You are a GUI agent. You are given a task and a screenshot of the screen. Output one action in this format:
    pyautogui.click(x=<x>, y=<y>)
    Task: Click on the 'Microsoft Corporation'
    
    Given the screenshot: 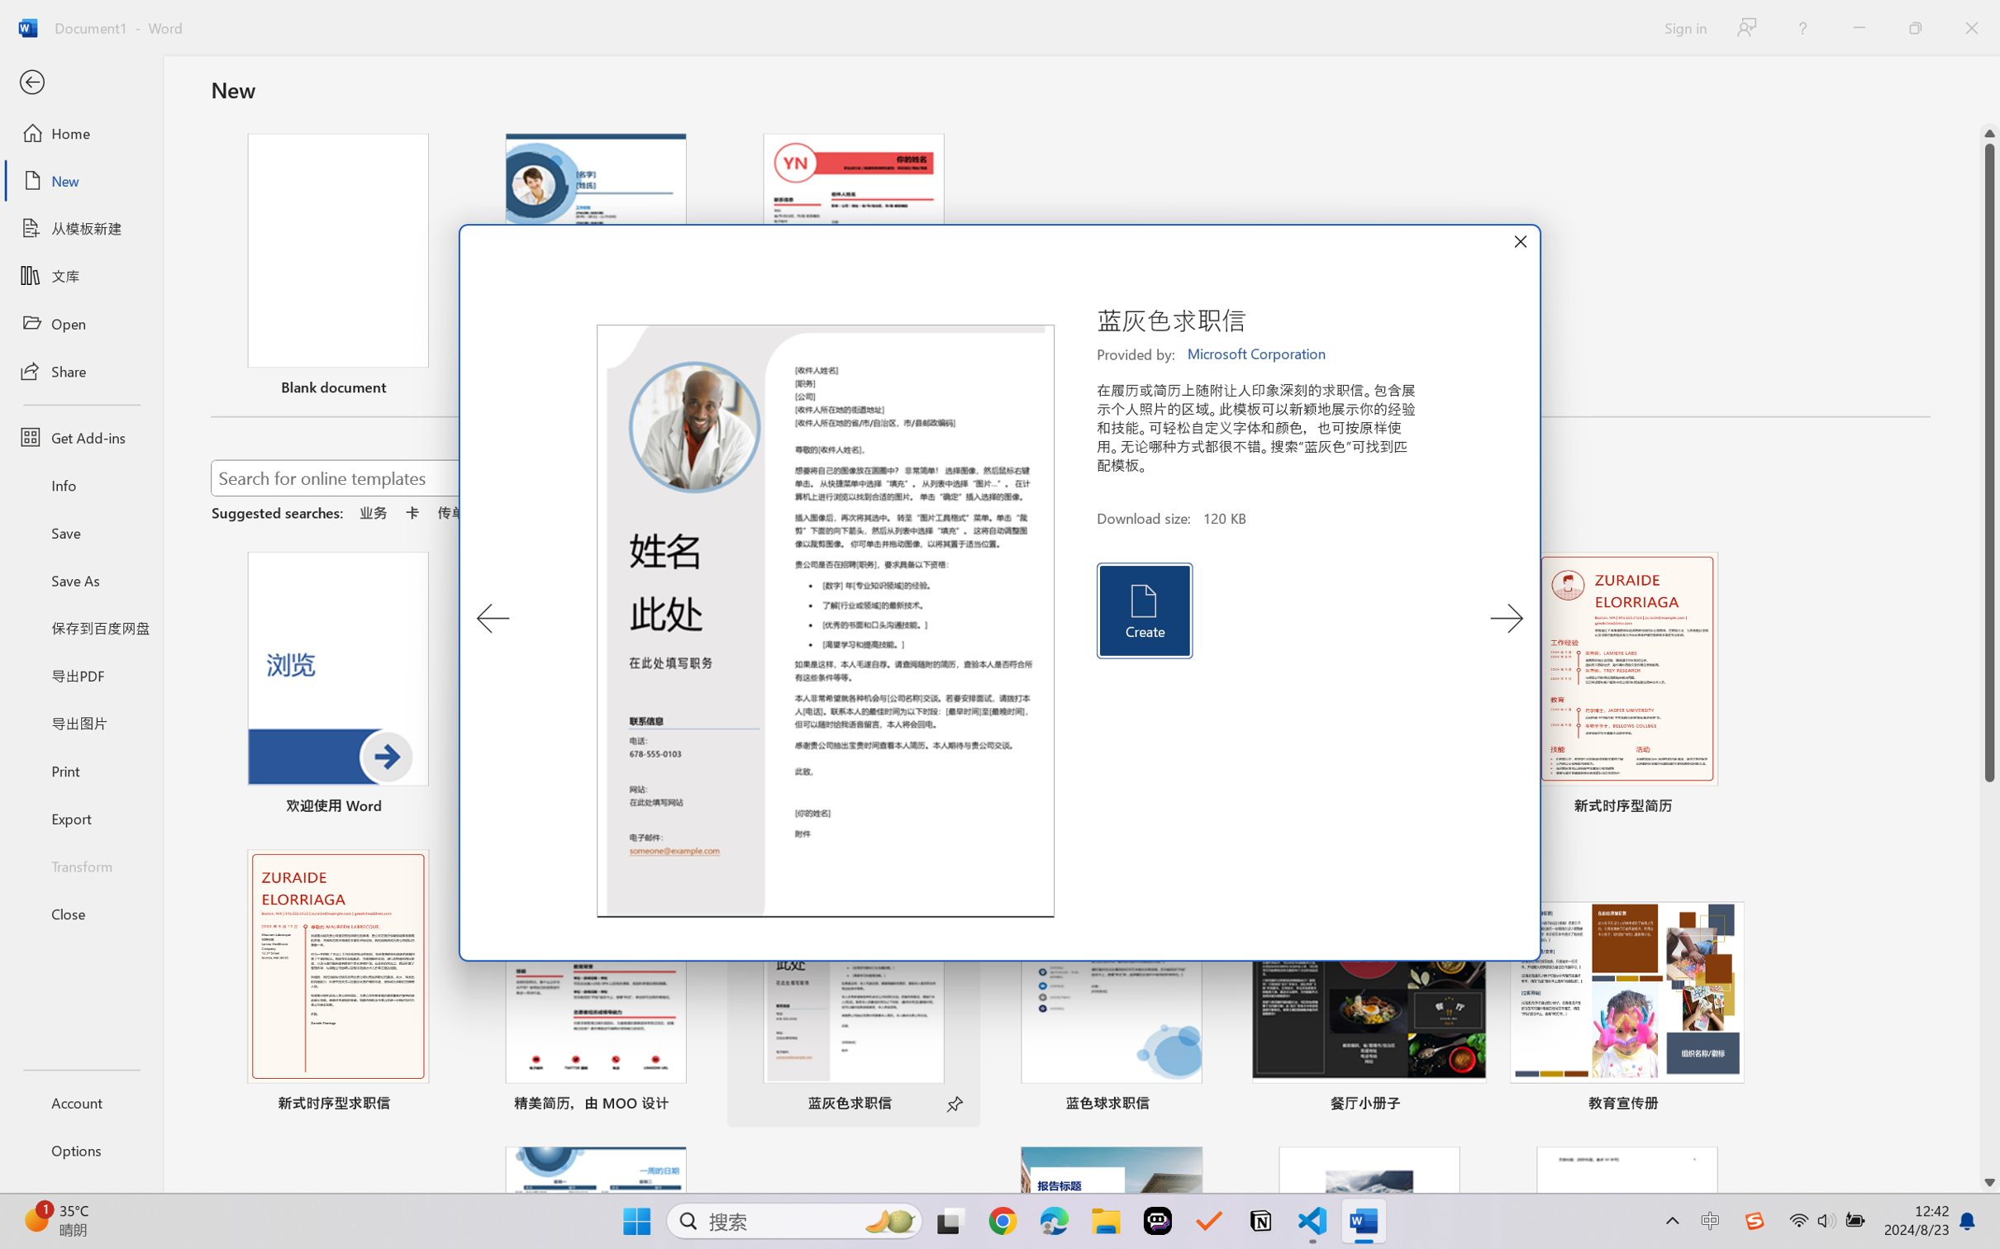 What is the action you would take?
    pyautogui.click(x=1257, y=354)
    